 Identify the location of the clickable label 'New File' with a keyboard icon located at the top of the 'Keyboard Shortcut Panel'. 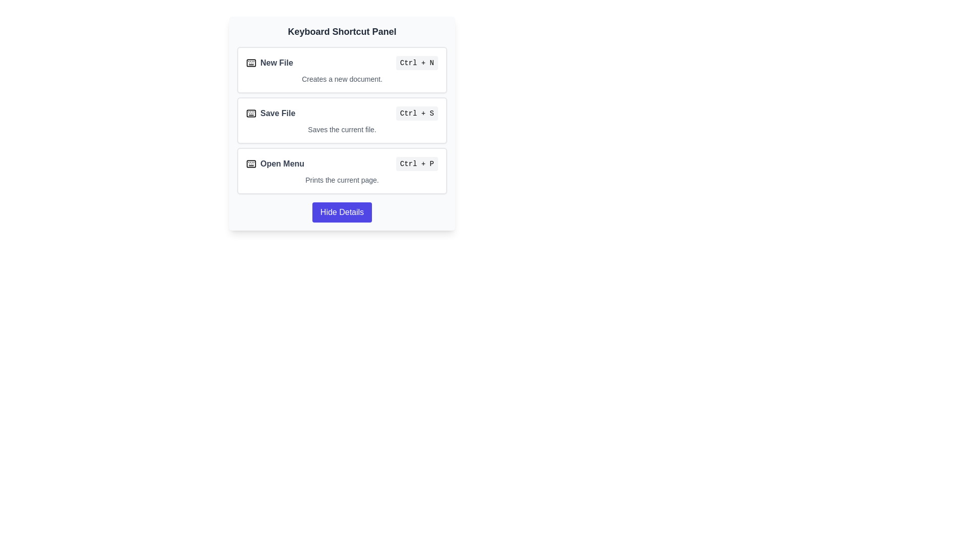
(270, 63).